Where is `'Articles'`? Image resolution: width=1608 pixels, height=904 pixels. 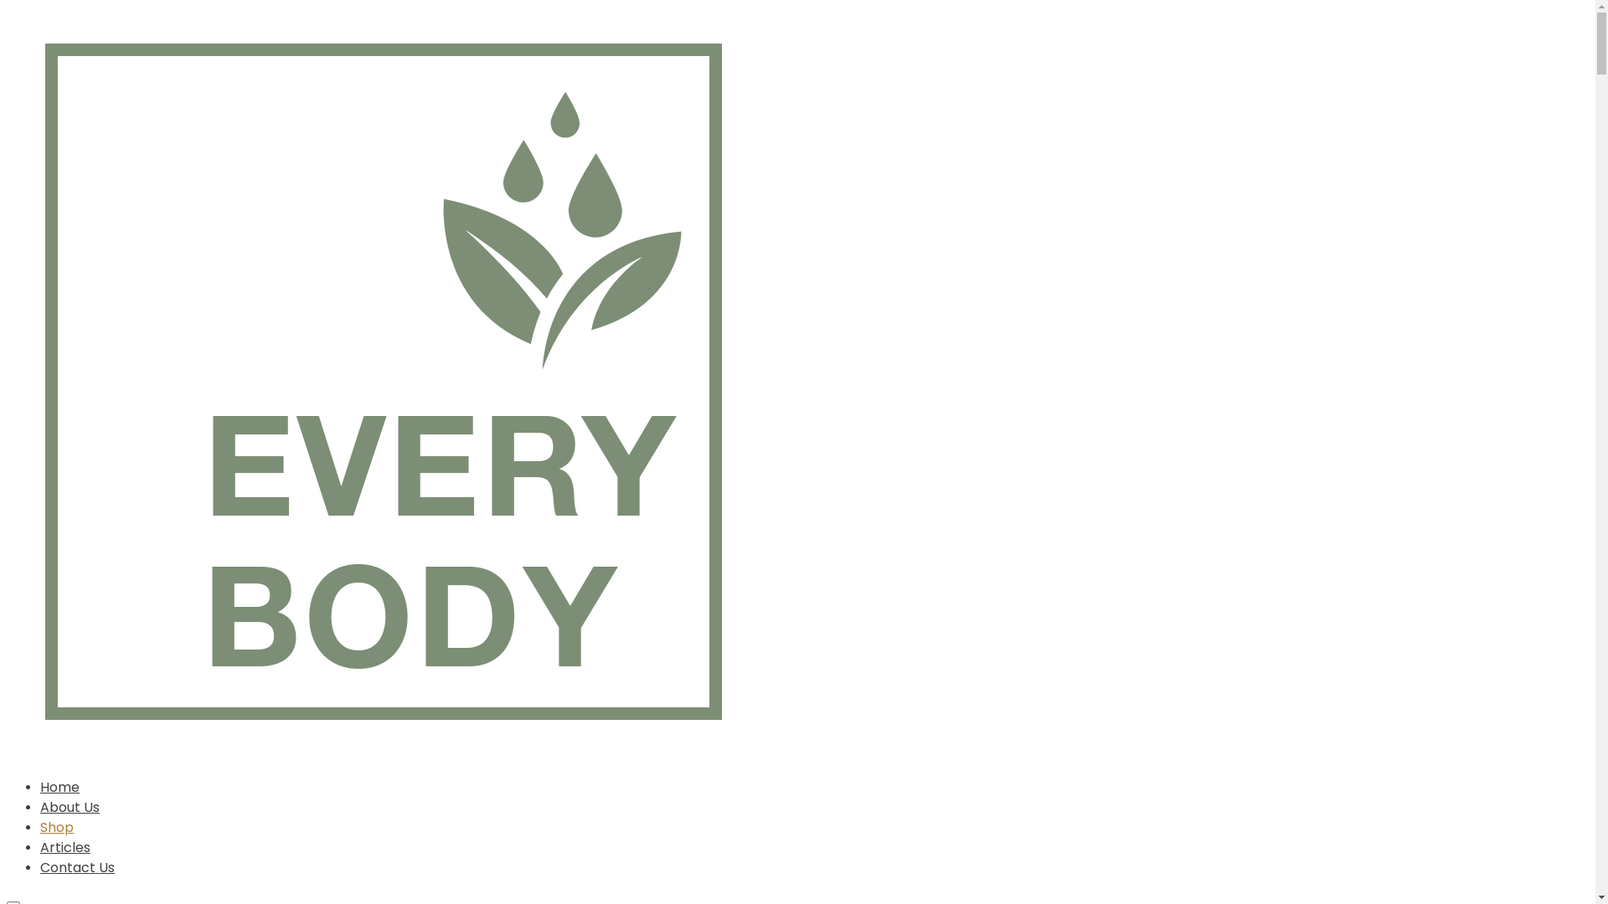 'Articles' is located at coordinates (64, 847).